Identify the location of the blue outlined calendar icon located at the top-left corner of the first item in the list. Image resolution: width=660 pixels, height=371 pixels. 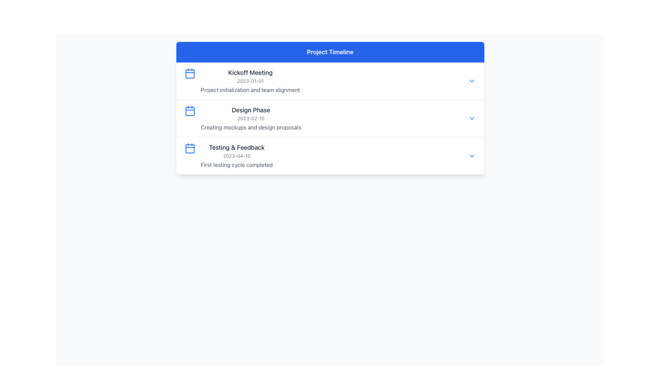
(190, 73).